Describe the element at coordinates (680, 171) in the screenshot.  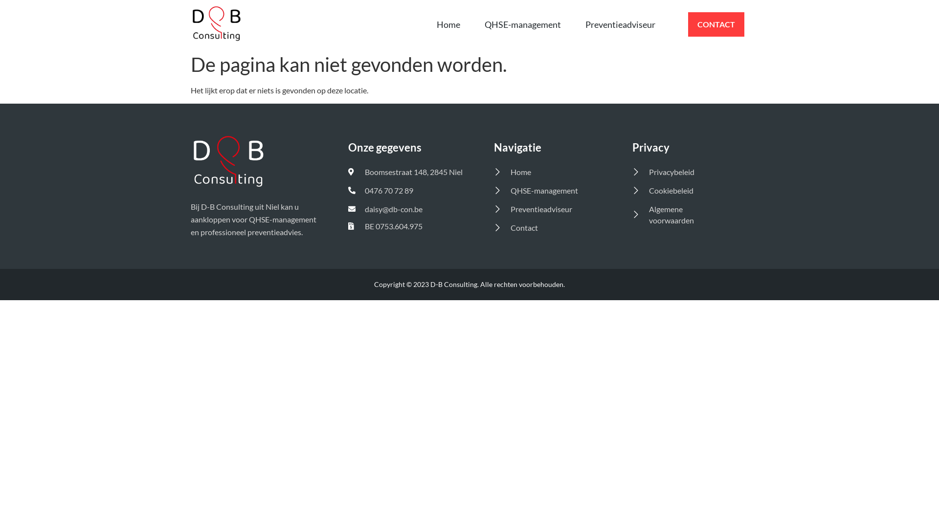
I see `'Privacybeleid'` at that location.